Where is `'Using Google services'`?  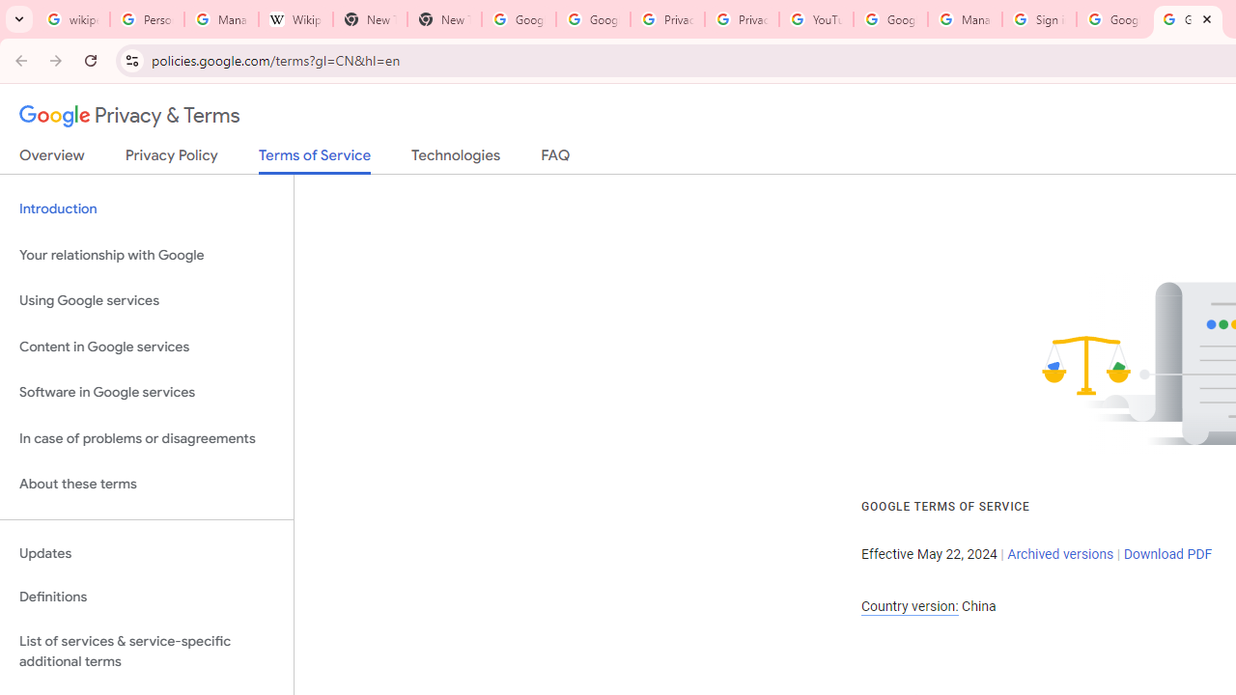
'Using Google services' is located at coordinates (146, 301).